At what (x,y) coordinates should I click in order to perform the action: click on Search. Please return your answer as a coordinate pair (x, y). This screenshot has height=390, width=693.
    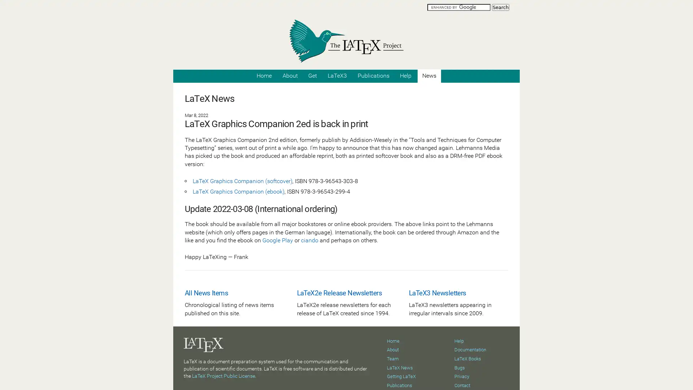
    Looking at the image, I should click on (500, 7).